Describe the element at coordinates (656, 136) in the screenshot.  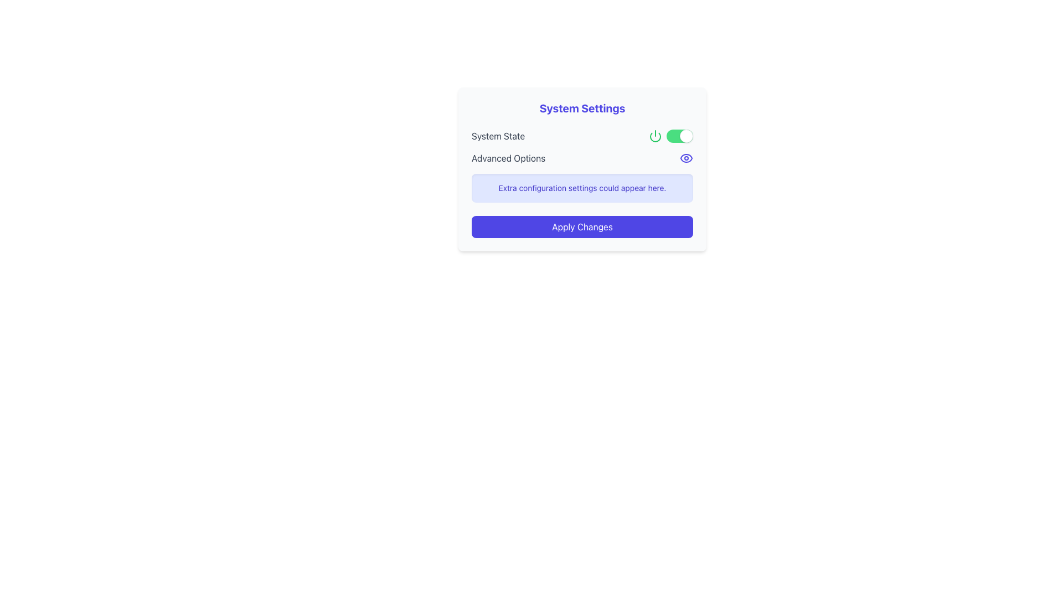
I see `the green power icon, which is circular with a vertical line inside, located near the 'System State' label in the settings interface` at that location.